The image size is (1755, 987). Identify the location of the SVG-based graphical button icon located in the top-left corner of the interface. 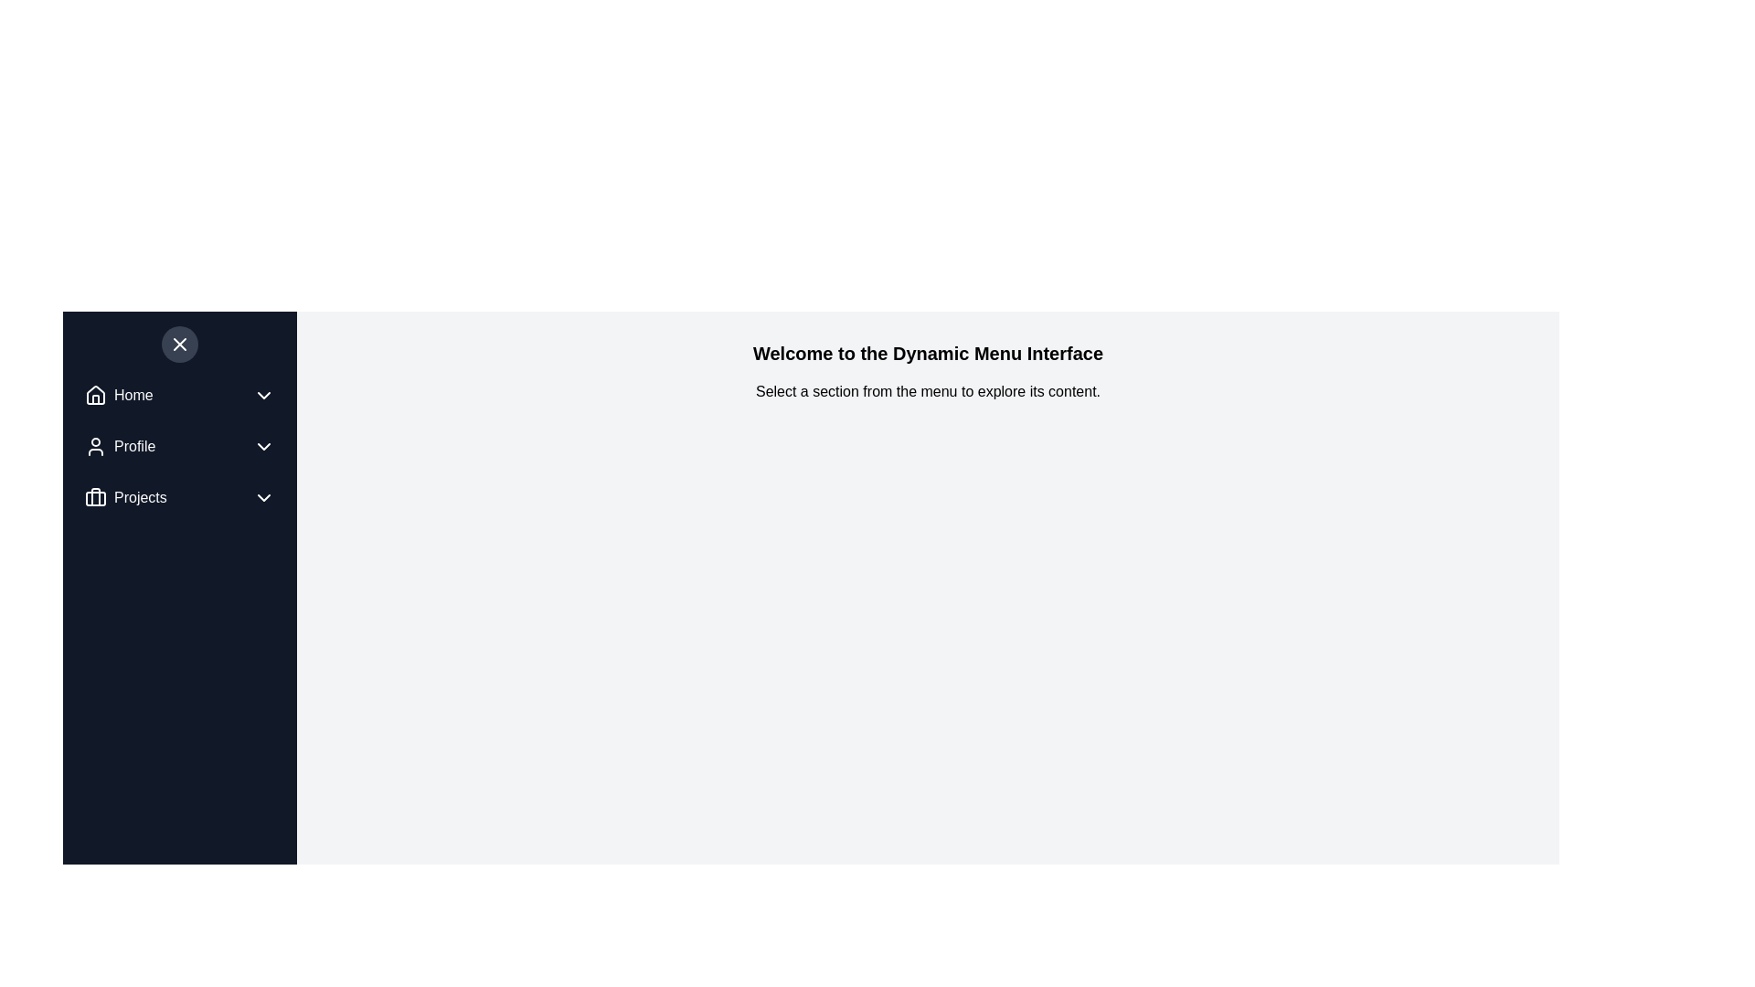
(179, 345).